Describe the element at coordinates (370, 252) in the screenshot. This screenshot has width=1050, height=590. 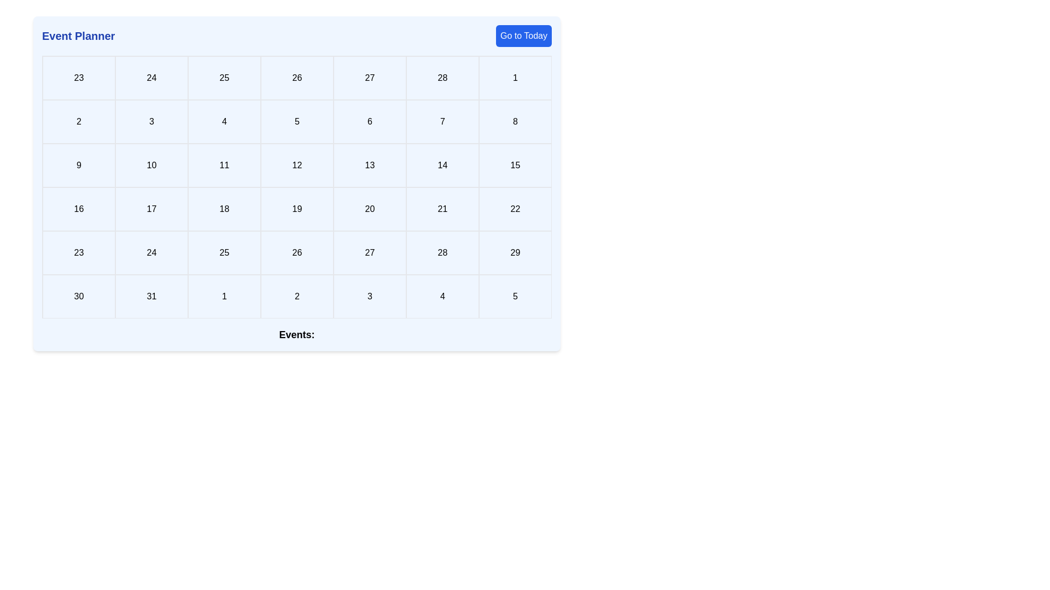
I see `the calendar day block labeled '27'` at that location.